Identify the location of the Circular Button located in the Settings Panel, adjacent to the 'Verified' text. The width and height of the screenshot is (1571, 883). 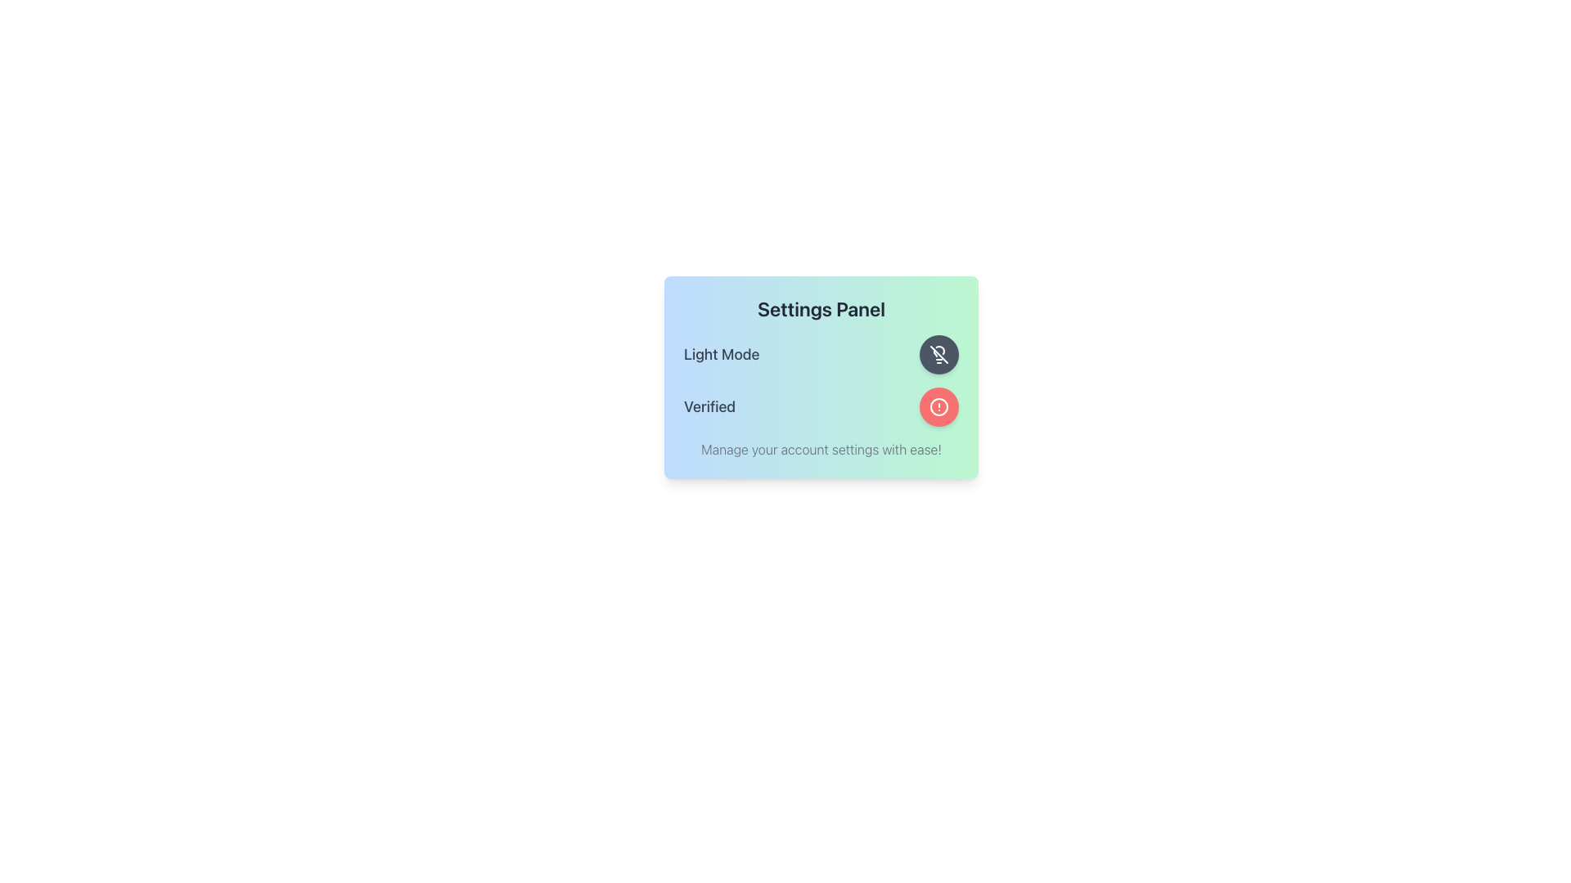
(939, 406).